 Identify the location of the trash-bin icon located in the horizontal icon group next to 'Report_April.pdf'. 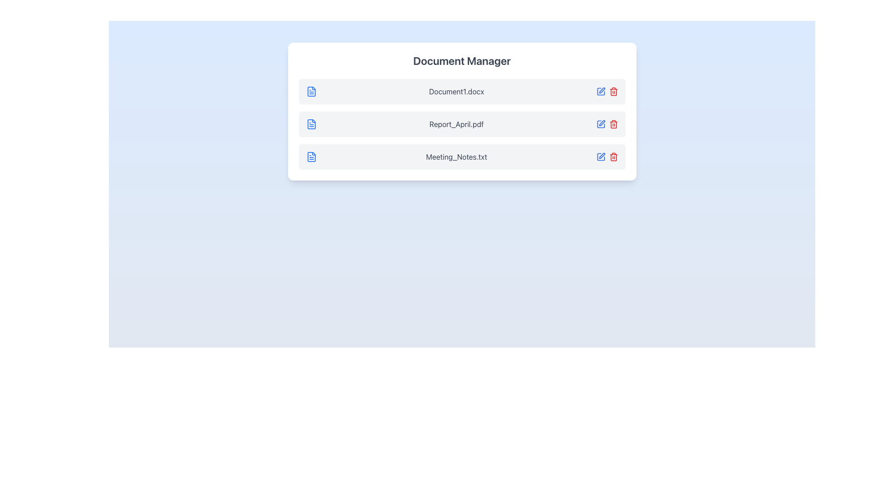
(607, 124).